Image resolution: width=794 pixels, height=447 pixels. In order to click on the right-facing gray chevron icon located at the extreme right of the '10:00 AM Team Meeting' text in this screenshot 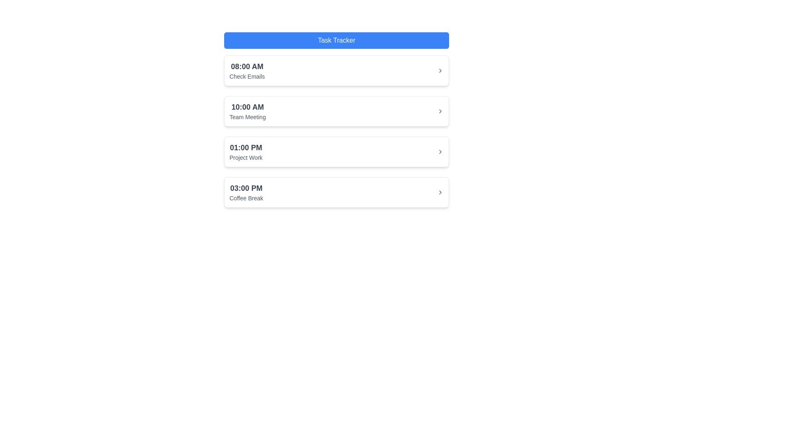, I will do `click(440, 111)`.